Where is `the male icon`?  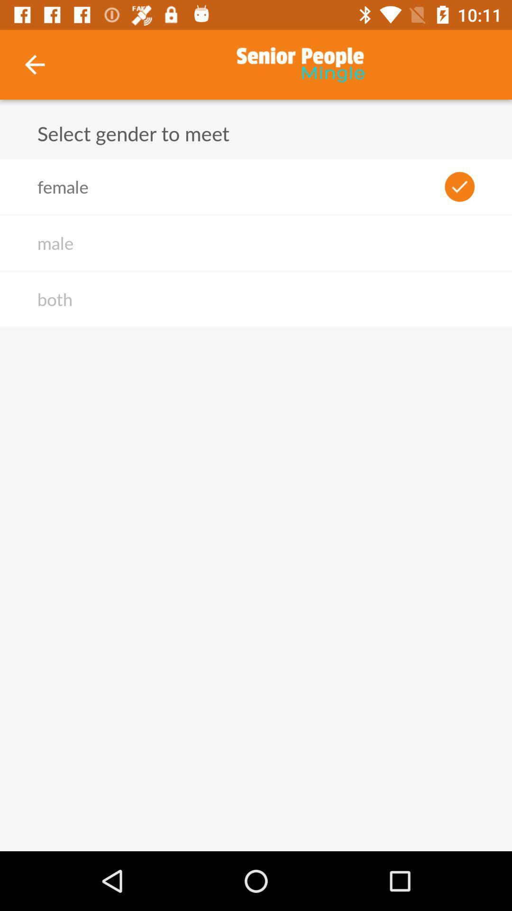 the male icon is located at coordinates (55, 242).